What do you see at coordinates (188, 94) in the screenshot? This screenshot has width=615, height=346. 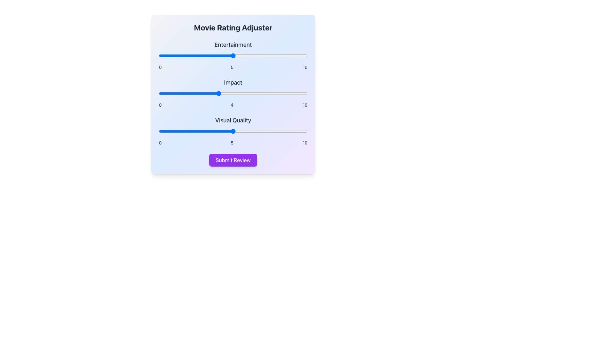 I see `the Impact slider value` at bounding box center [188, 94].